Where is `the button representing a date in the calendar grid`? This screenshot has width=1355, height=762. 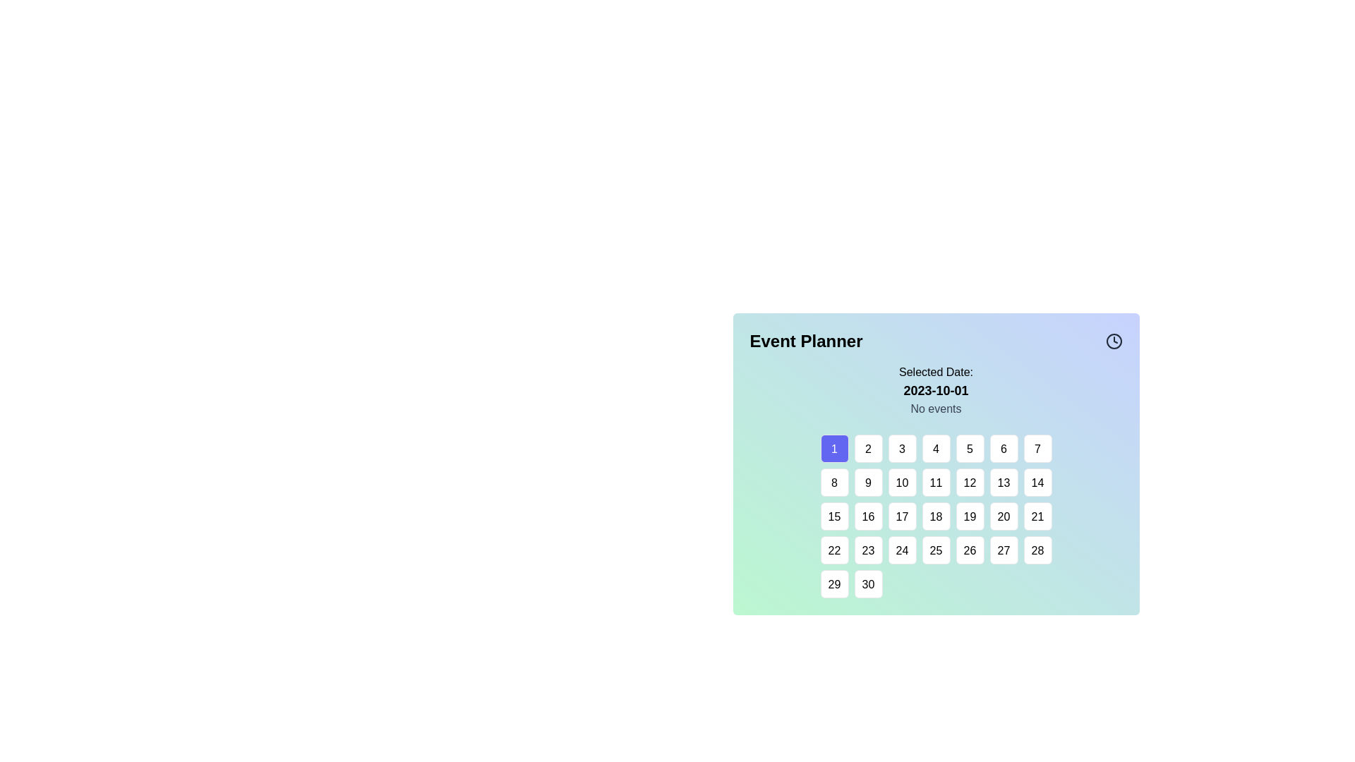 the button representing a date in the calendar grid is located at coordinates (834, 516).